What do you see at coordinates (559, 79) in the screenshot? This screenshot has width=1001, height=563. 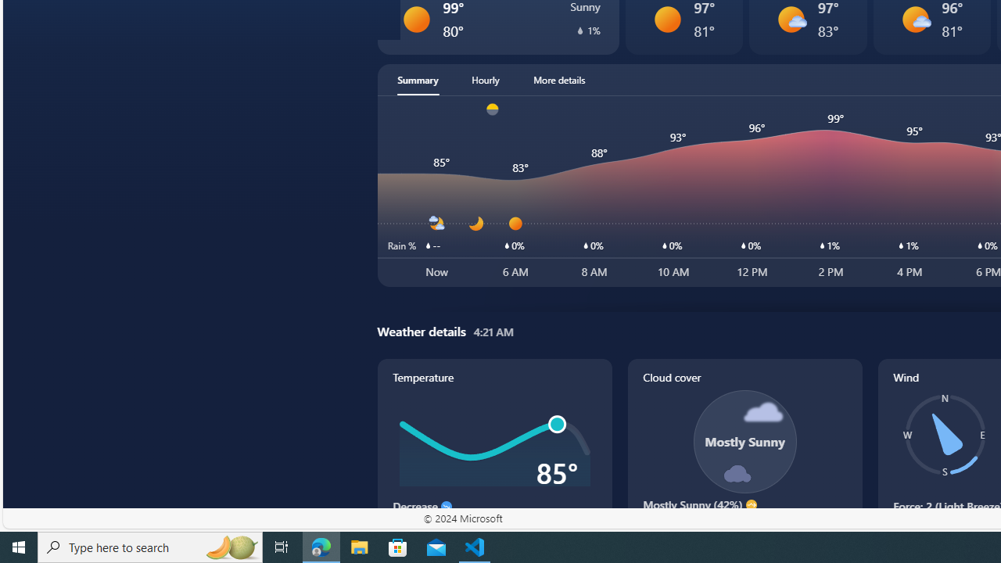 I see `'More details'` at bounding box center [559, 79].